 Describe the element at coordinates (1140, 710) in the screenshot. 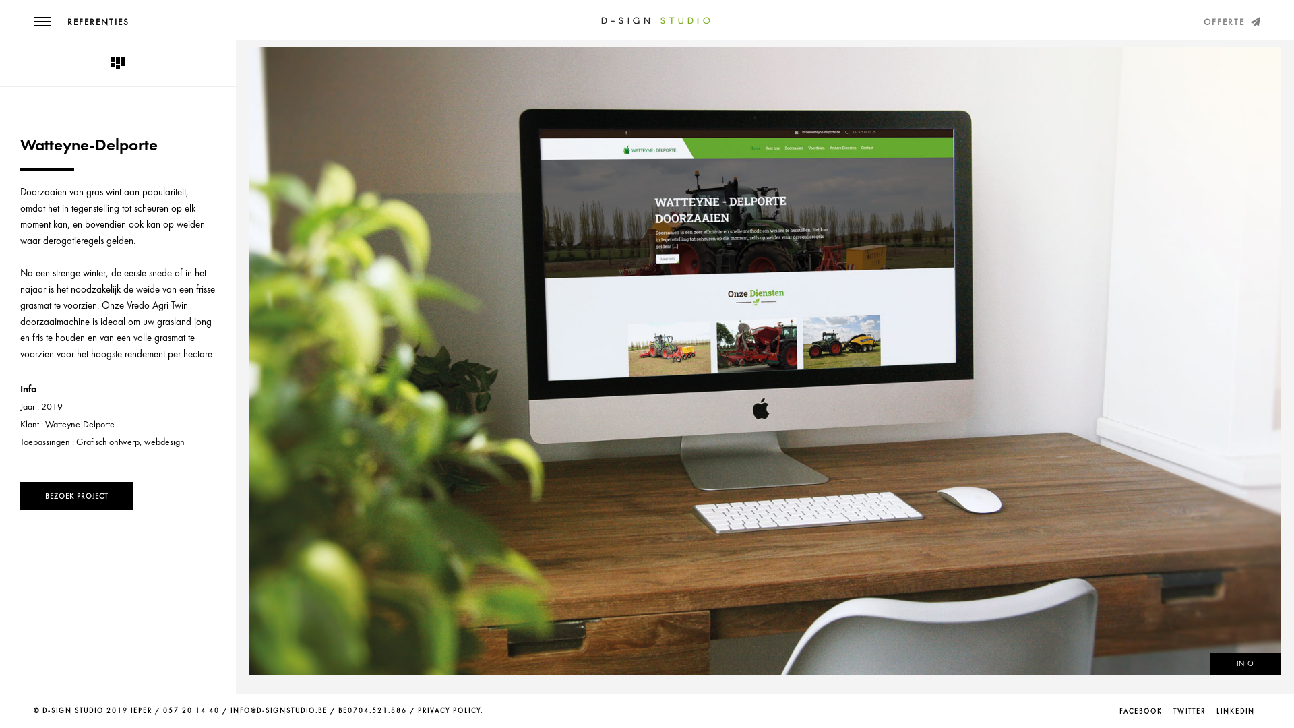

I see `'FACEBOOK'` at that location.